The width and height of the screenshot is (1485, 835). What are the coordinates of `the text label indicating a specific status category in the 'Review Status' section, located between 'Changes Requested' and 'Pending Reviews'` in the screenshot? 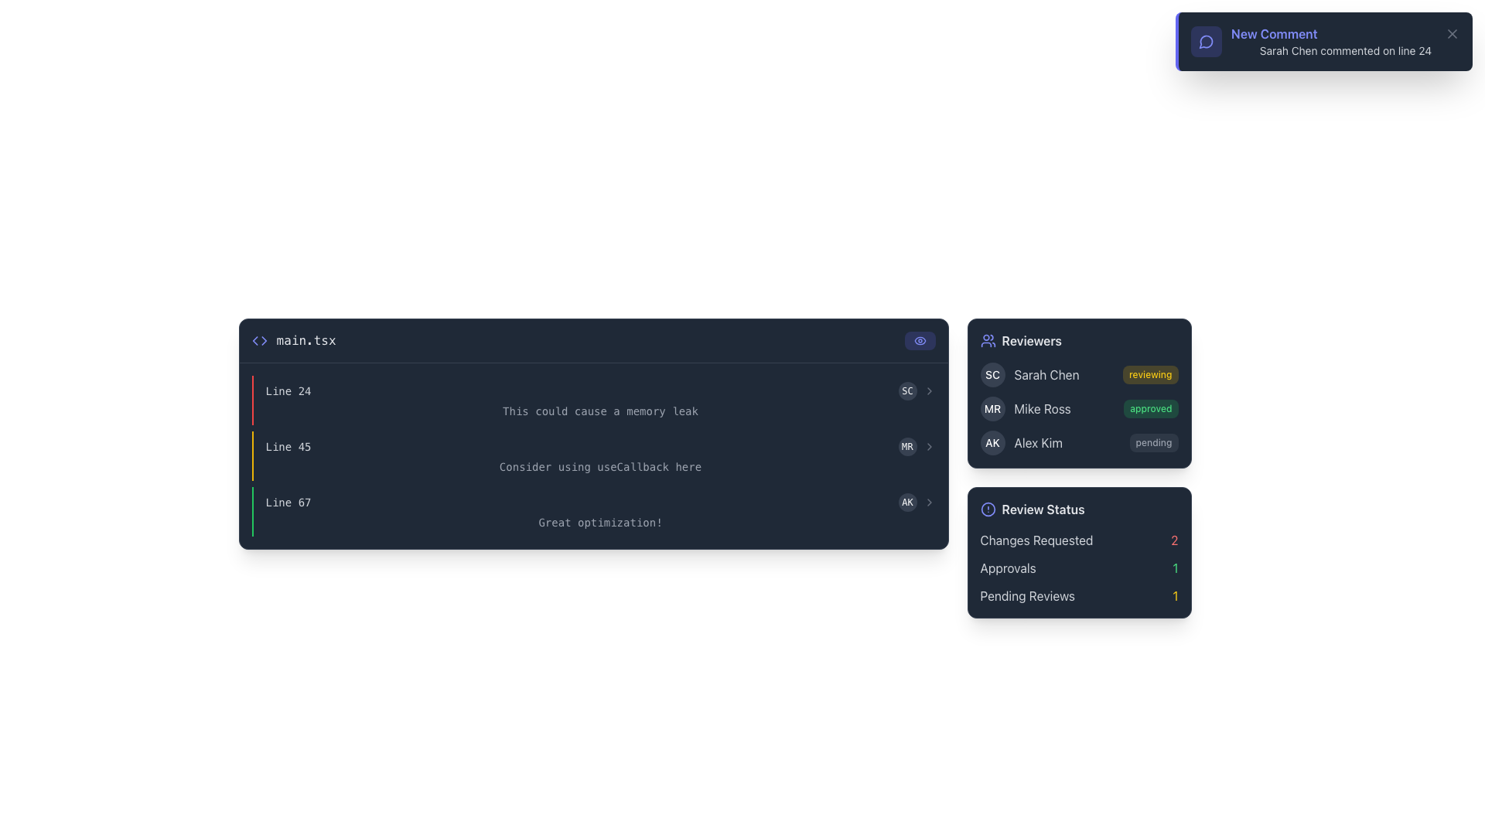 It's located at (1008, 568).